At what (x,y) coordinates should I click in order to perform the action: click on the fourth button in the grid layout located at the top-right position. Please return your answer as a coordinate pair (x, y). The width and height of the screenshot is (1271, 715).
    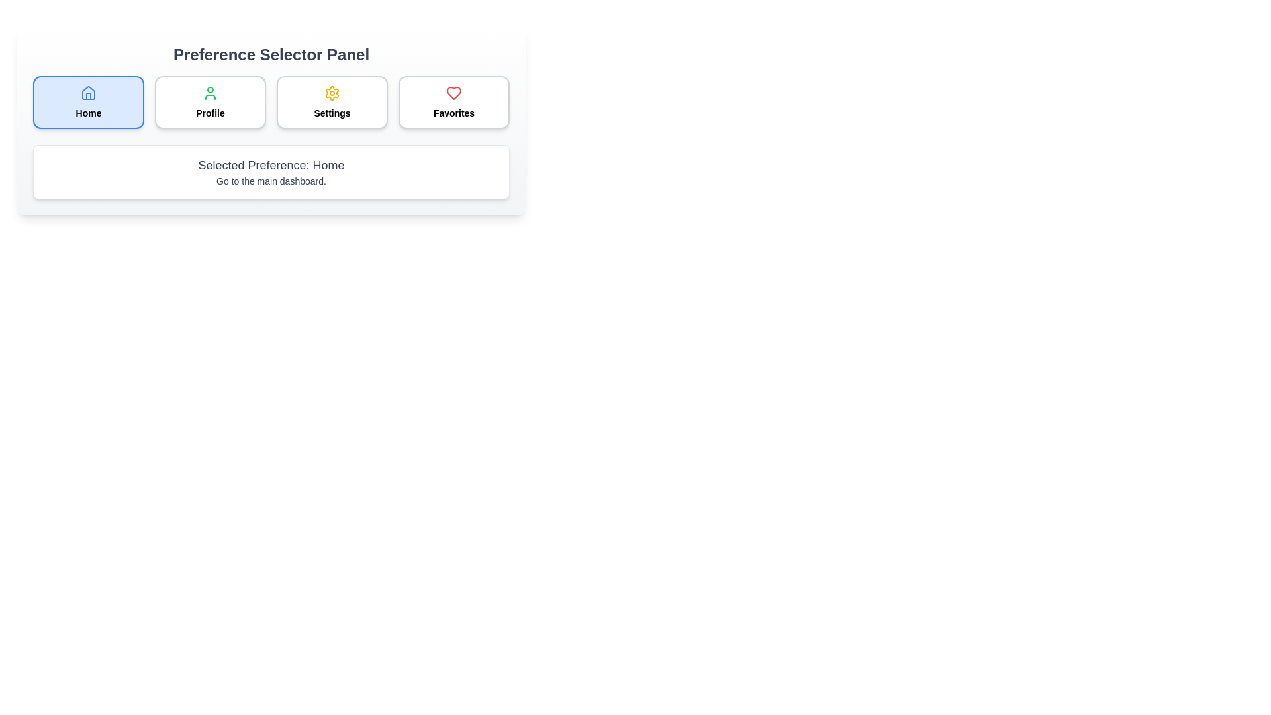
    Looking at the image, I should click on (454, 101).